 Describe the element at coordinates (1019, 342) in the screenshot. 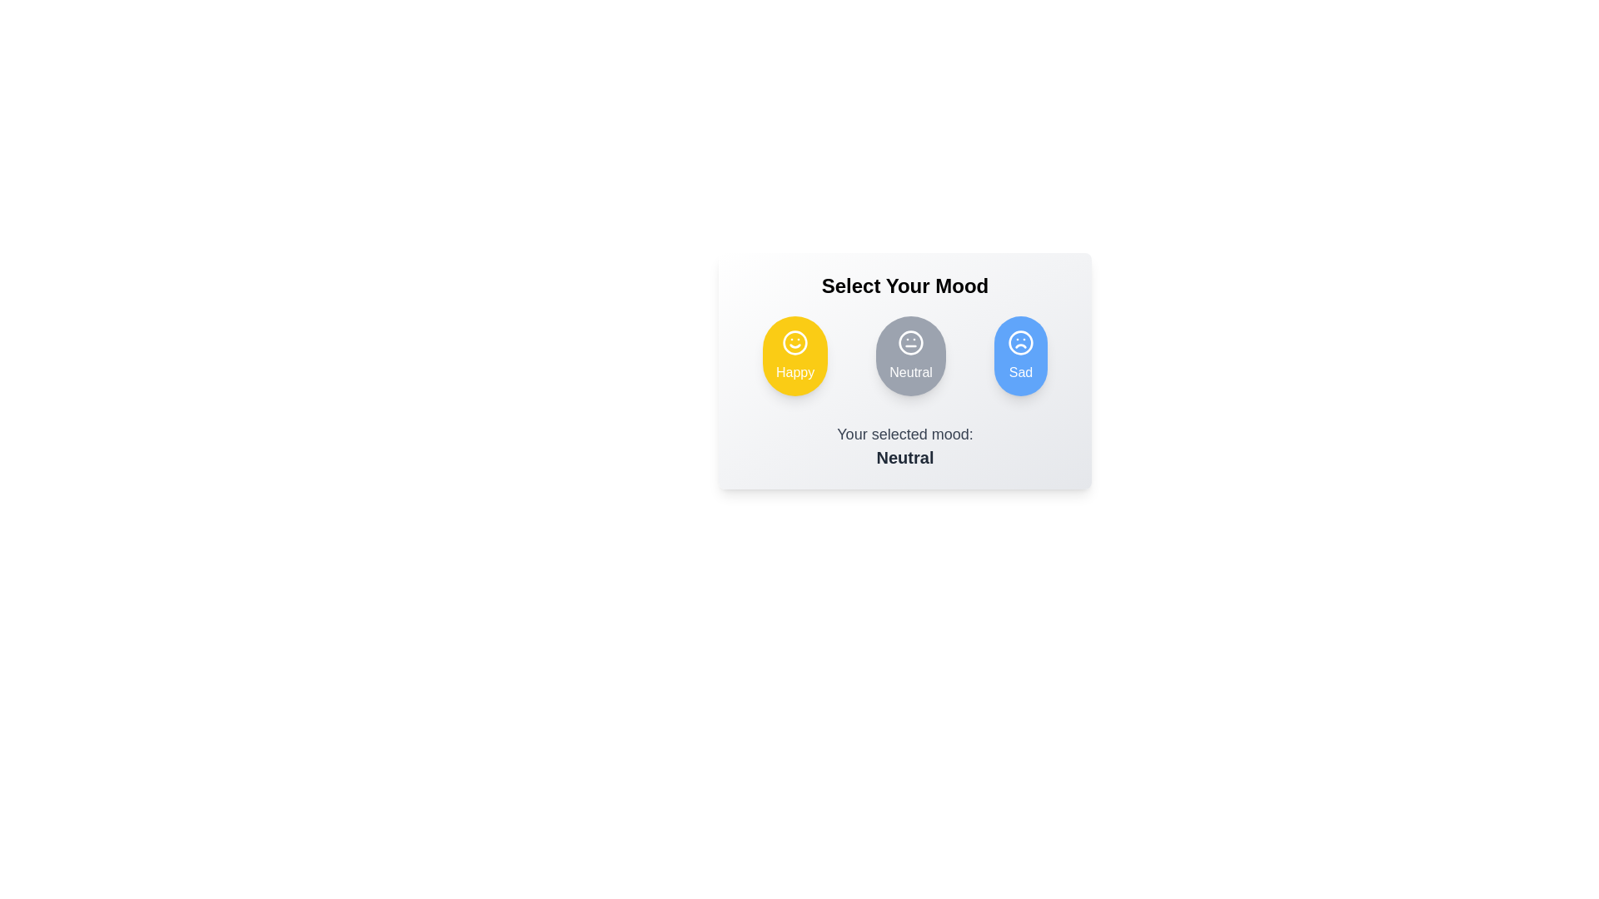

I see `the outer ring of the face icon represented by a stroke circle with no fill, which is part of the 'Sad' button among the mood selection options` at that location.